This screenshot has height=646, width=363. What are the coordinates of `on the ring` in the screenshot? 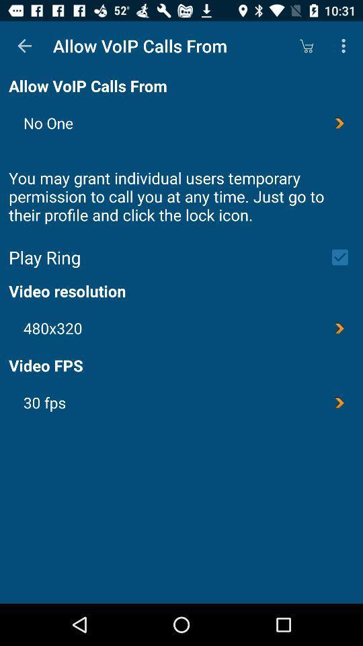 It's located at (344, 256).